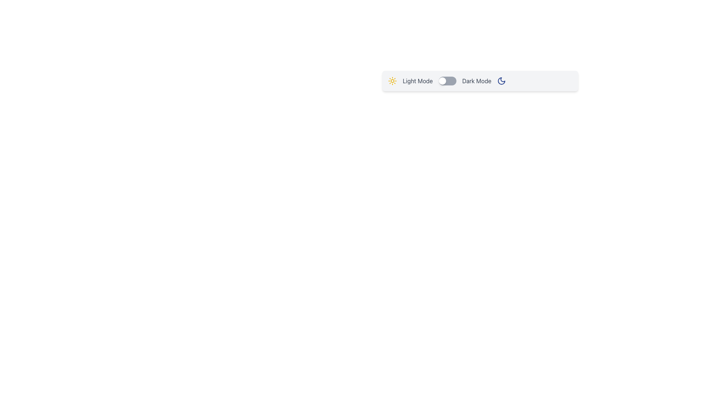 Image resolution: width=705 pixels, height=396 pixels. Describe the element at coordinates (447, 81) in the screenshot. I see `the toggle switch positioned between 'Light Mode' and 'Dark Mode'` at that location.